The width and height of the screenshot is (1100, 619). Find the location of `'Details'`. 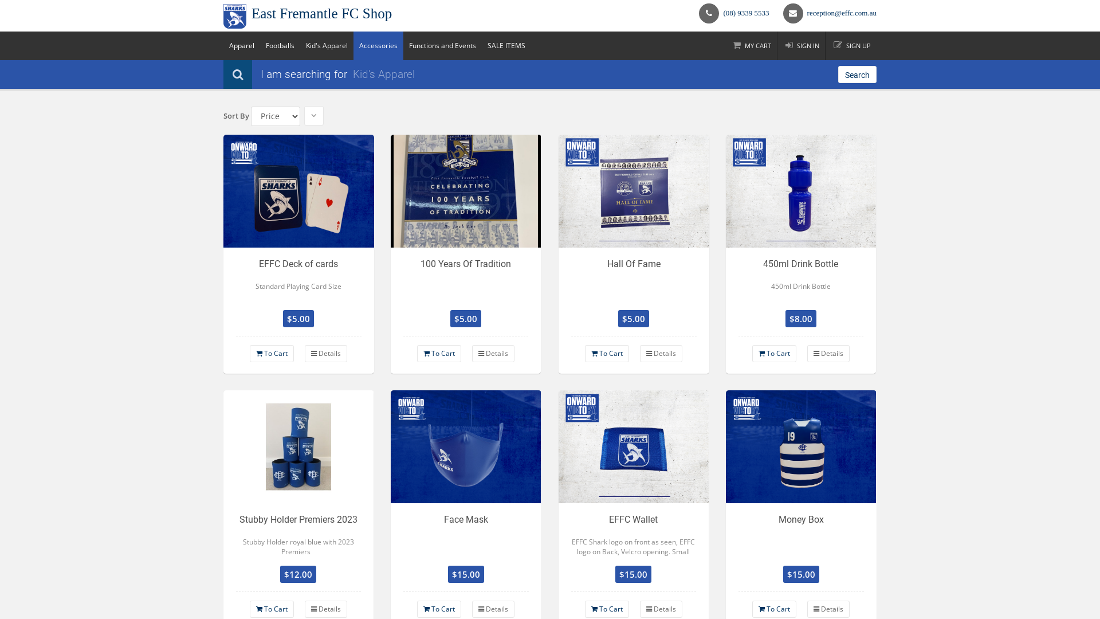

'Details' is located at coordinates (325, 353).